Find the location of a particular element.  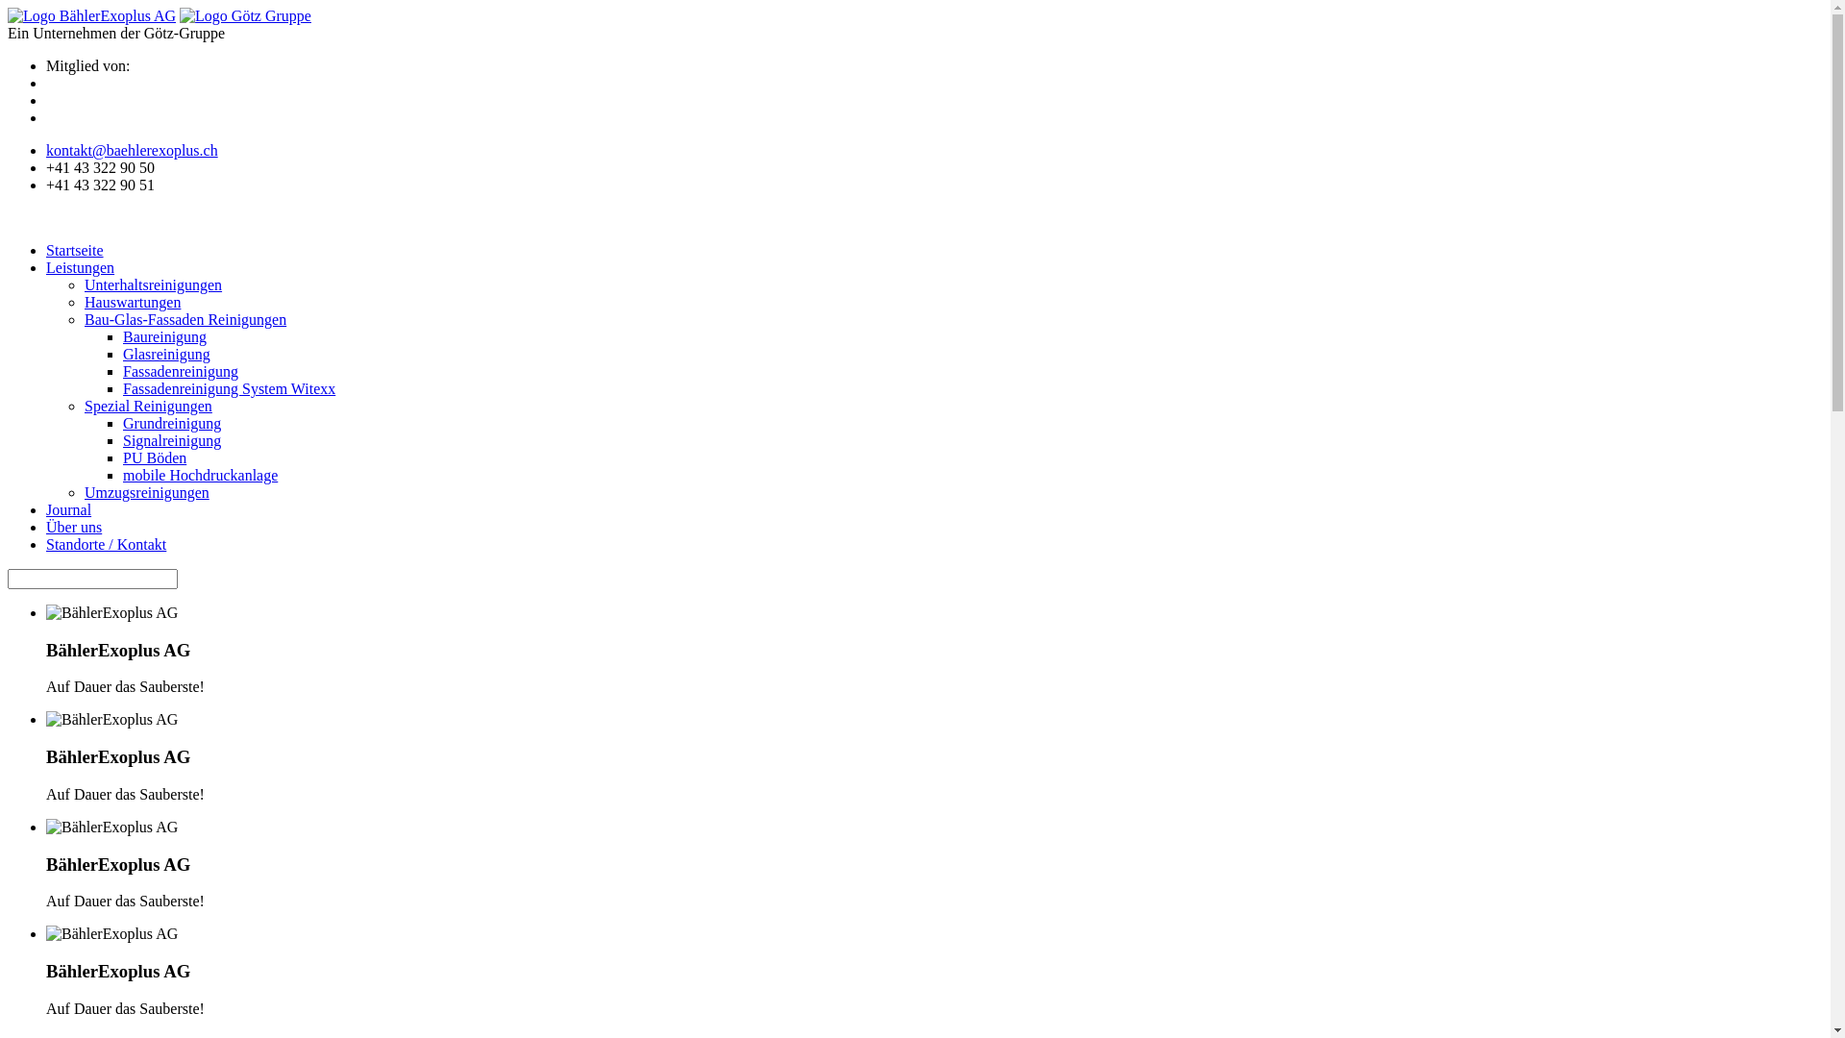

'Glasreinigung' is located at coordinates (122, 354).